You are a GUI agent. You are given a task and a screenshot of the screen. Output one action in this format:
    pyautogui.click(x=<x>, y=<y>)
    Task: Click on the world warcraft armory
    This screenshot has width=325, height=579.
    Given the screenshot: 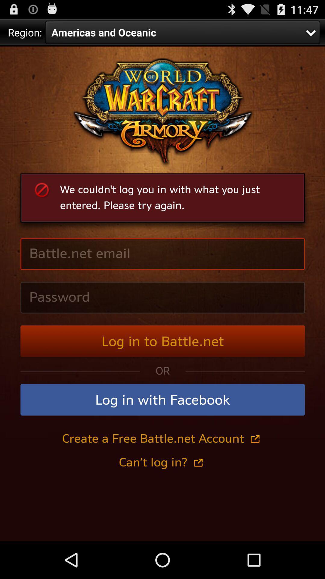 What is the action you would take?
    pyautogui.click(x=162, y=293)
    